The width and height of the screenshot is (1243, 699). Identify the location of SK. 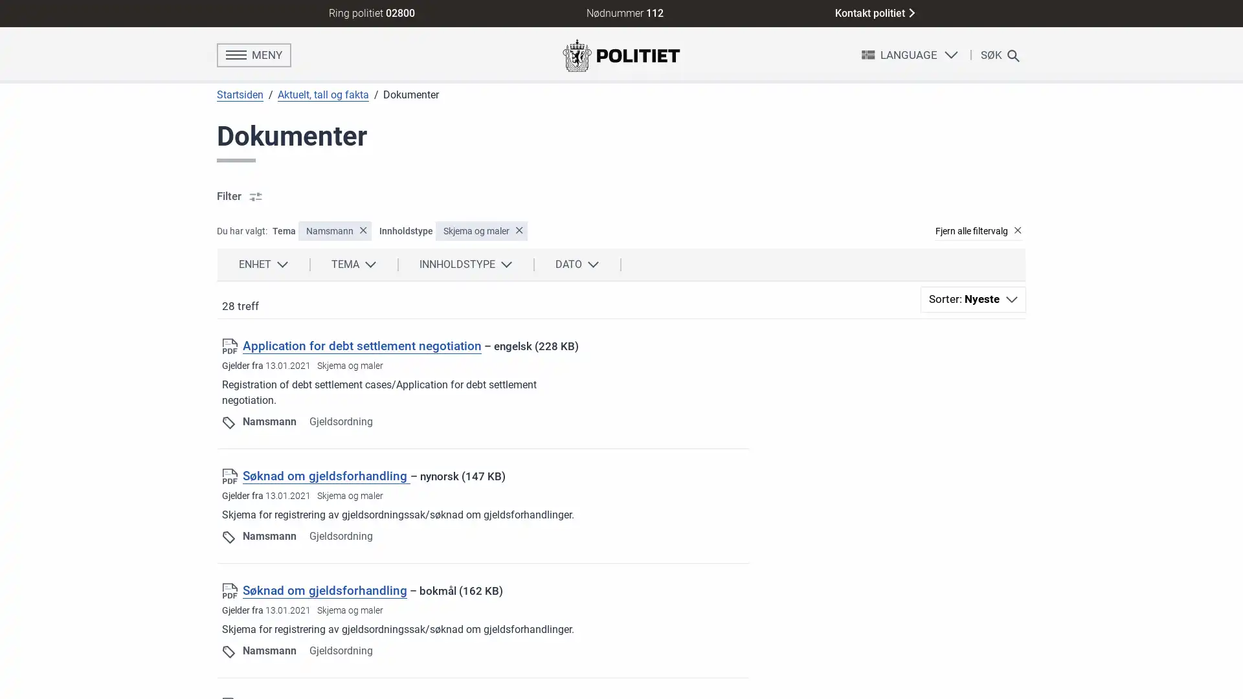
(996, 54).